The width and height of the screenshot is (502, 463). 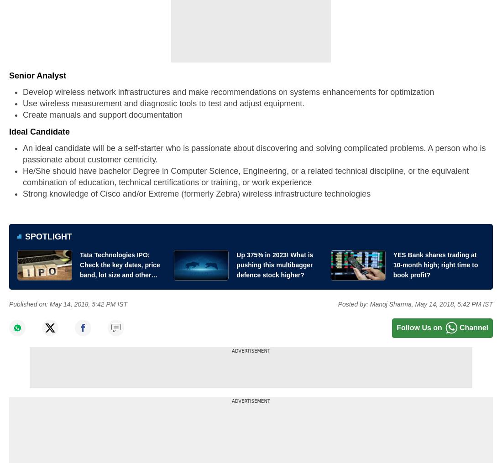 I want to click on 'Up 375% in 2023! What is pushing this multibagger defence stock higher?', so click(x=274, y=264).